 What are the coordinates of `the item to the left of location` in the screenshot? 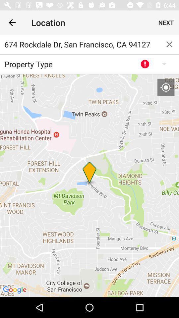 It's located at (12, 23).